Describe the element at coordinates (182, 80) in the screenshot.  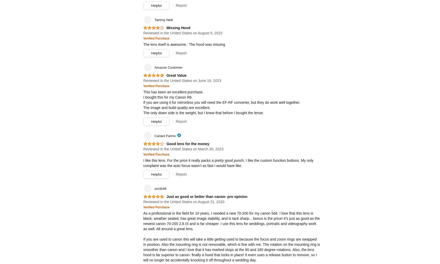
I see `'Reviewed in the United States on June 19, 2023'` at that location.